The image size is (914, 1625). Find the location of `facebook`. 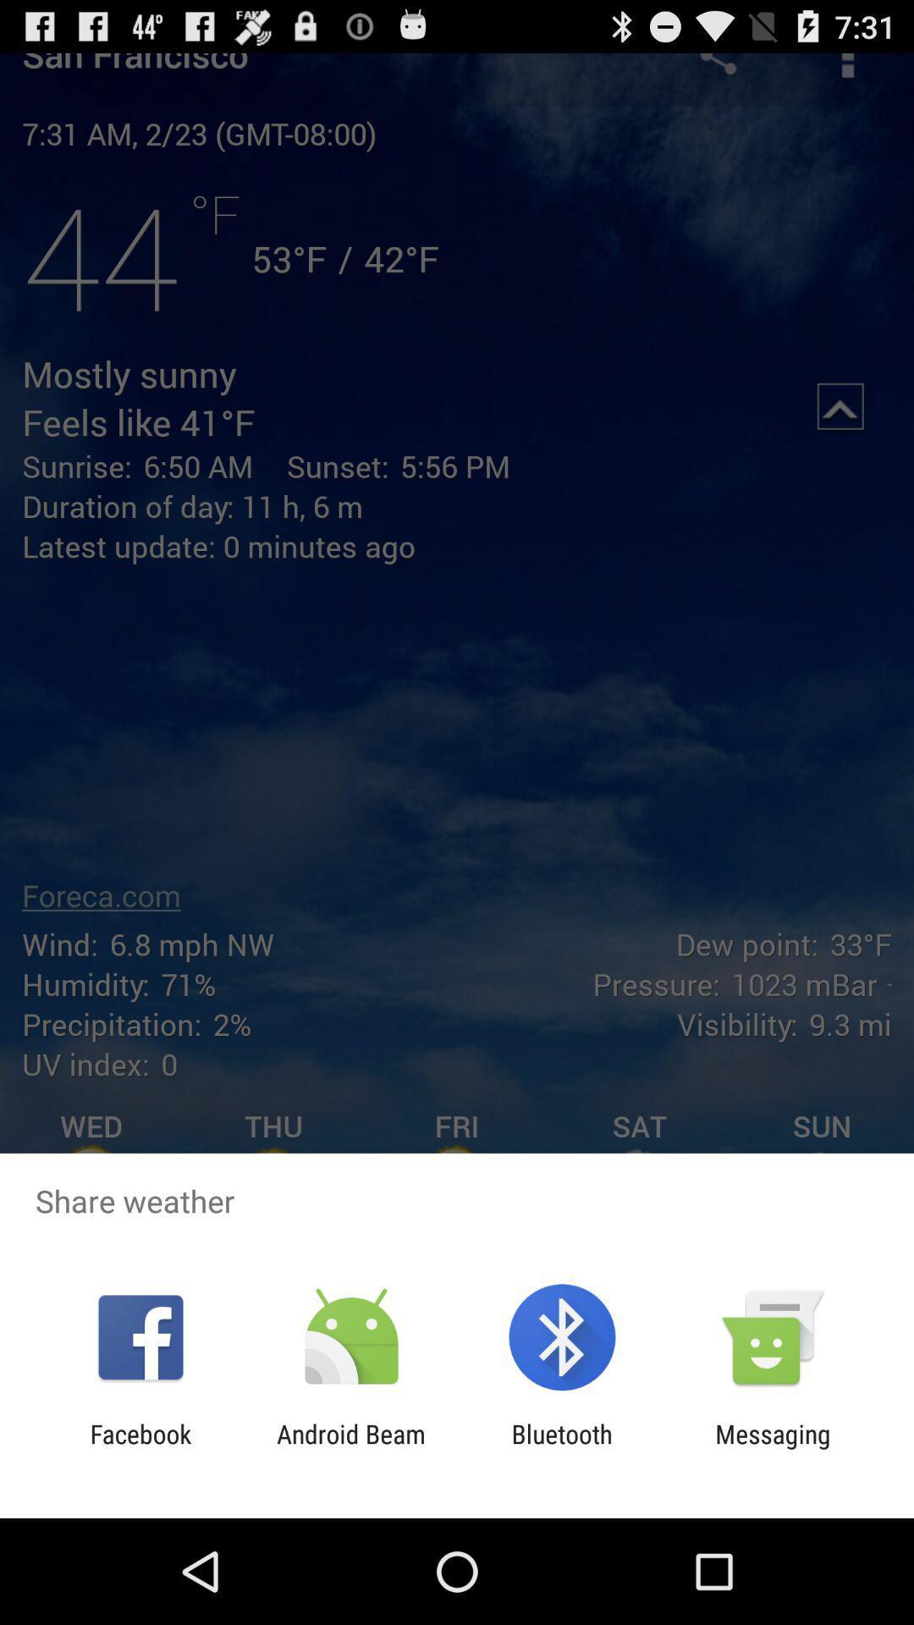

facebook is located at coordinates (140, 1448).